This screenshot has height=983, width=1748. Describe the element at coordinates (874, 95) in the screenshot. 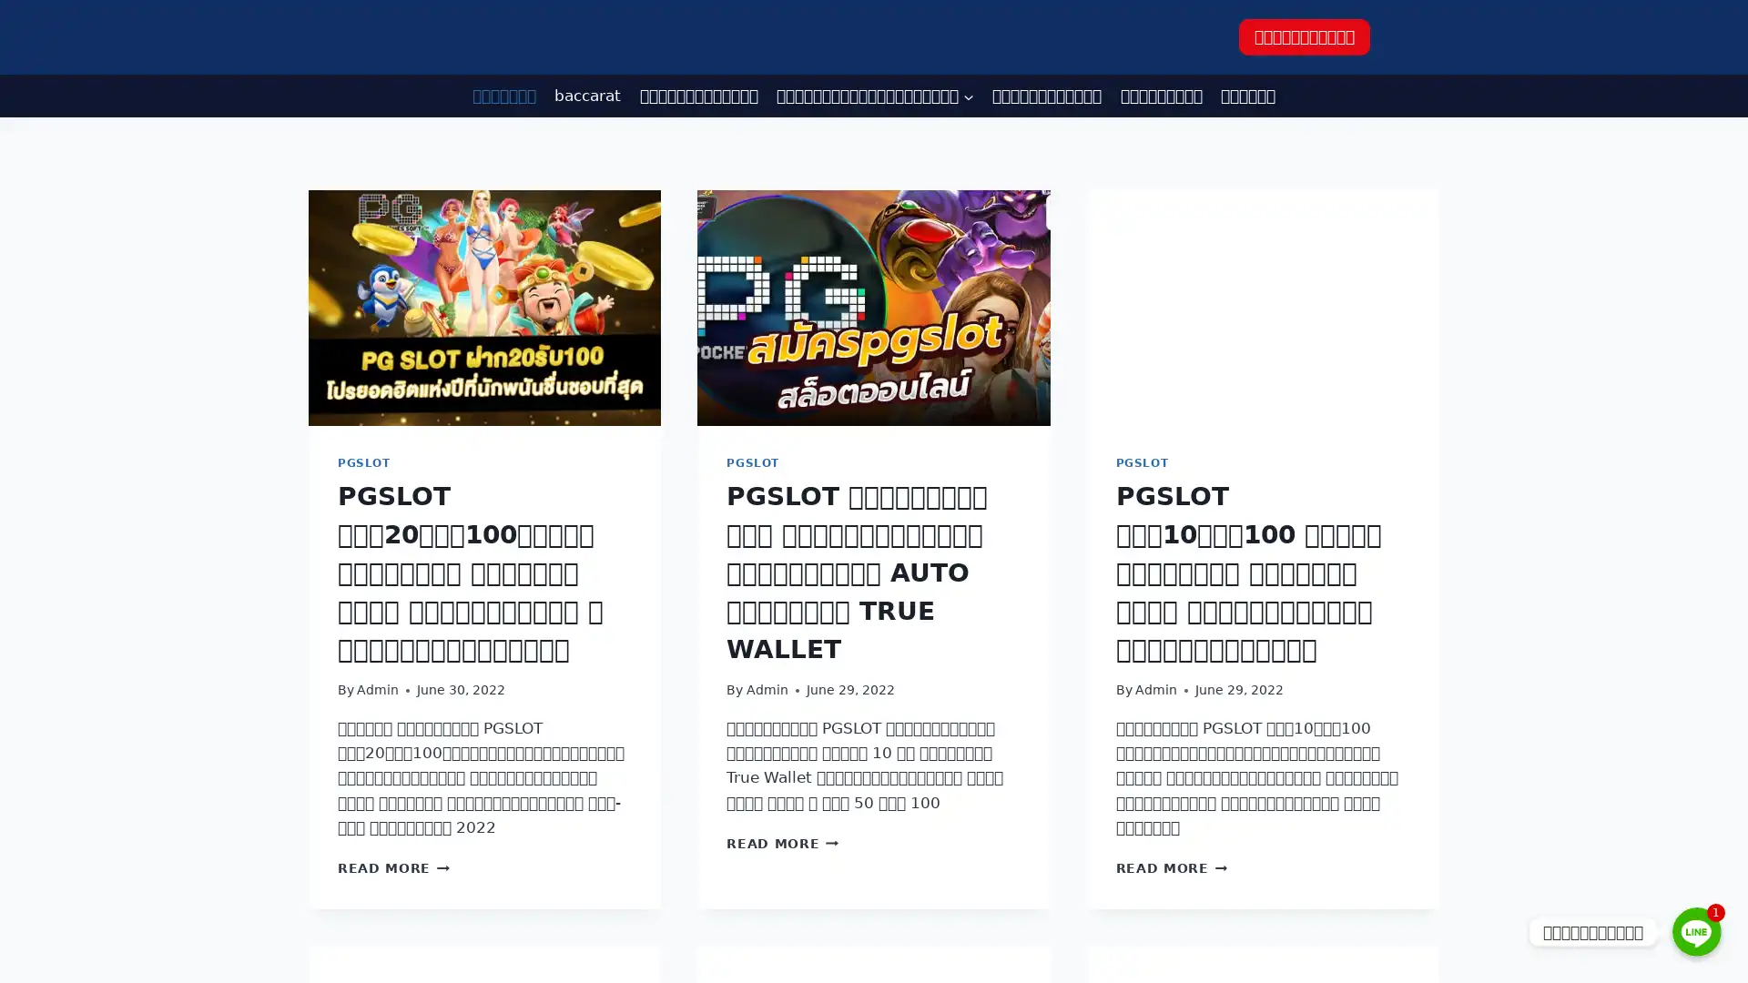

I see `Expand child menu` at that location.